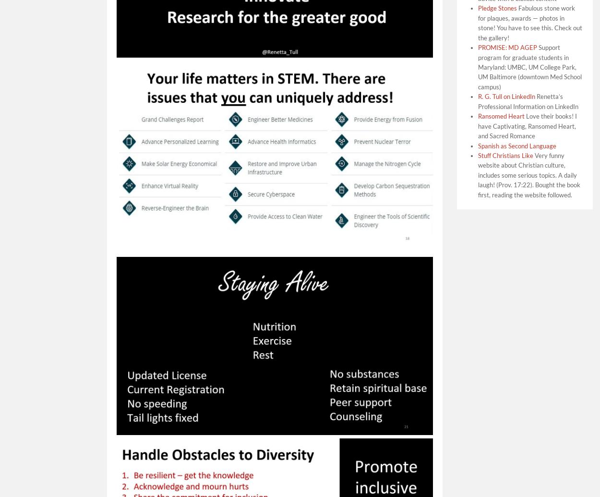 The image size is (600, 497). What do you see at coordinates (527, 126) in the screenshot?
I see `'Love their books! I have Captivating, Ransomed Heart, and Sacred Romance'` at bounding box center [527, 126].